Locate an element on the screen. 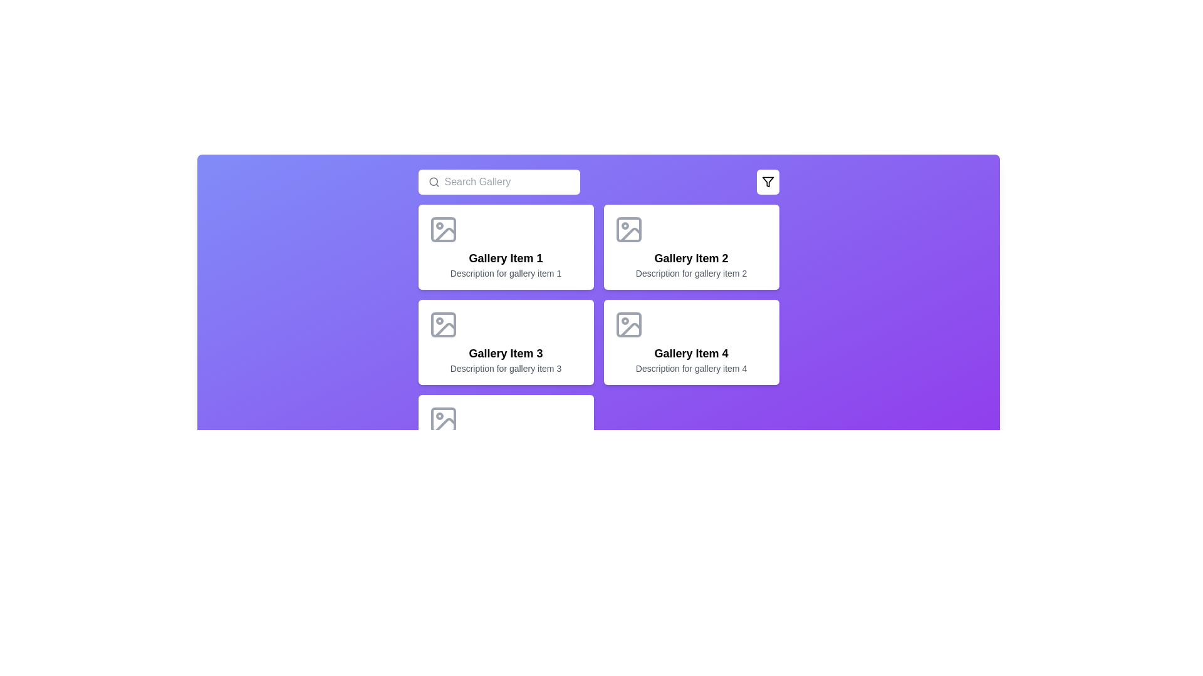 This screenshot has width=1203, height=676. the Decorative SVG rectangle, which is a small rectangle with rounded corners is located at coordinates (443, 229).